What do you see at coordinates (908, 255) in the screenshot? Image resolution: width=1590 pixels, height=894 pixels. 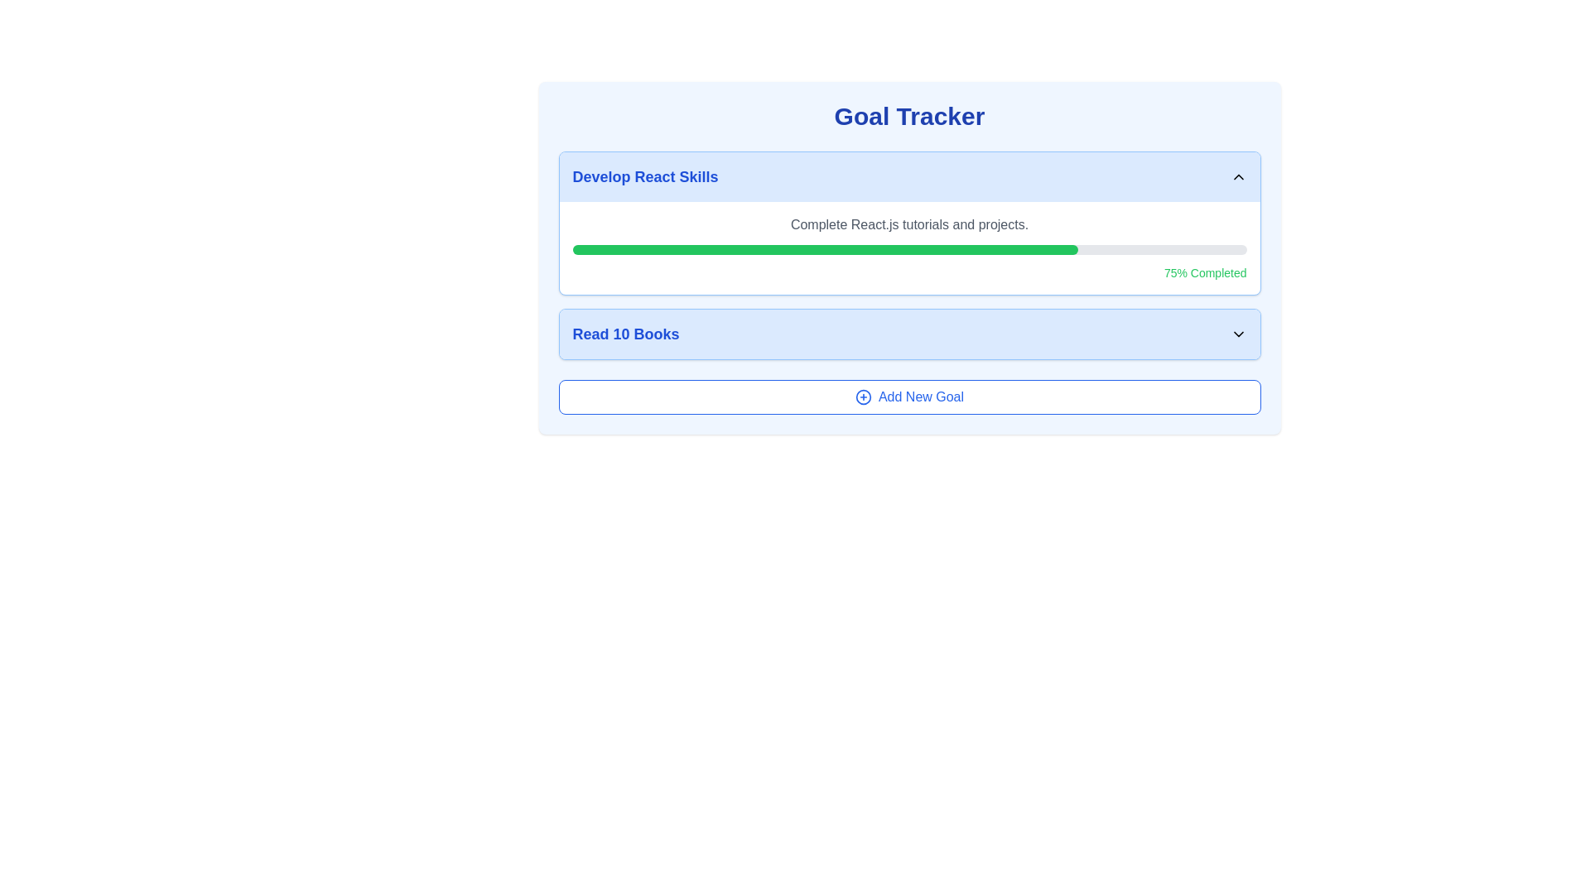 I see `the progress tracker component indicating the user's completion status for the 'Develop React Skills' goal for potential interactivity` at bounding box center [908, 255].